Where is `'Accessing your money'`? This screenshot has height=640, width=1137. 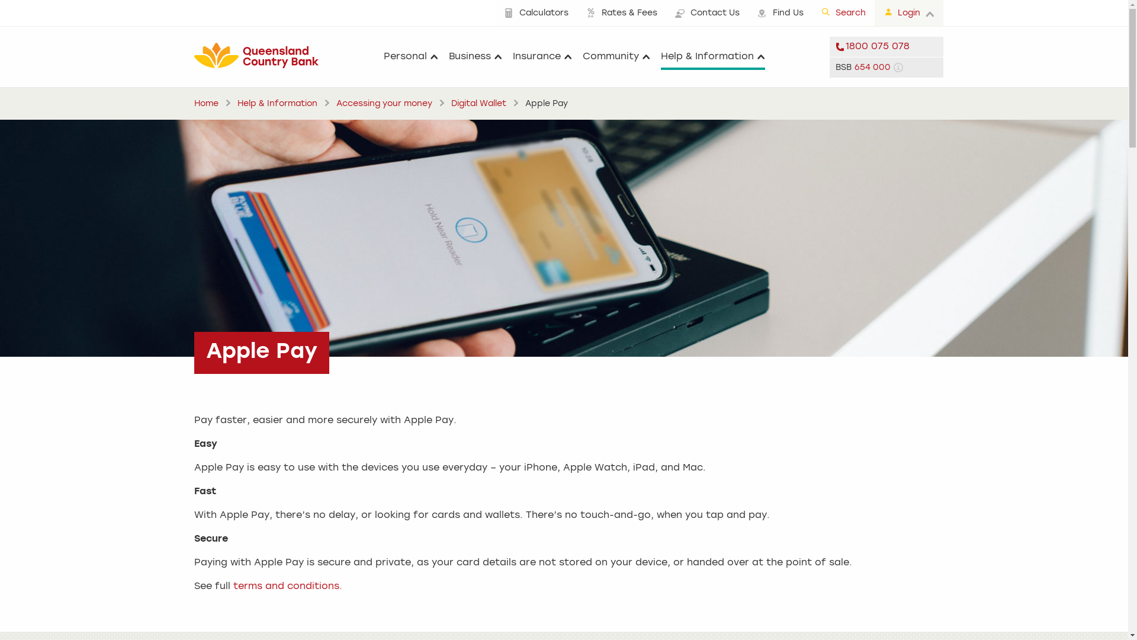
'Accessing your money' is located at coordinates (384, 103).